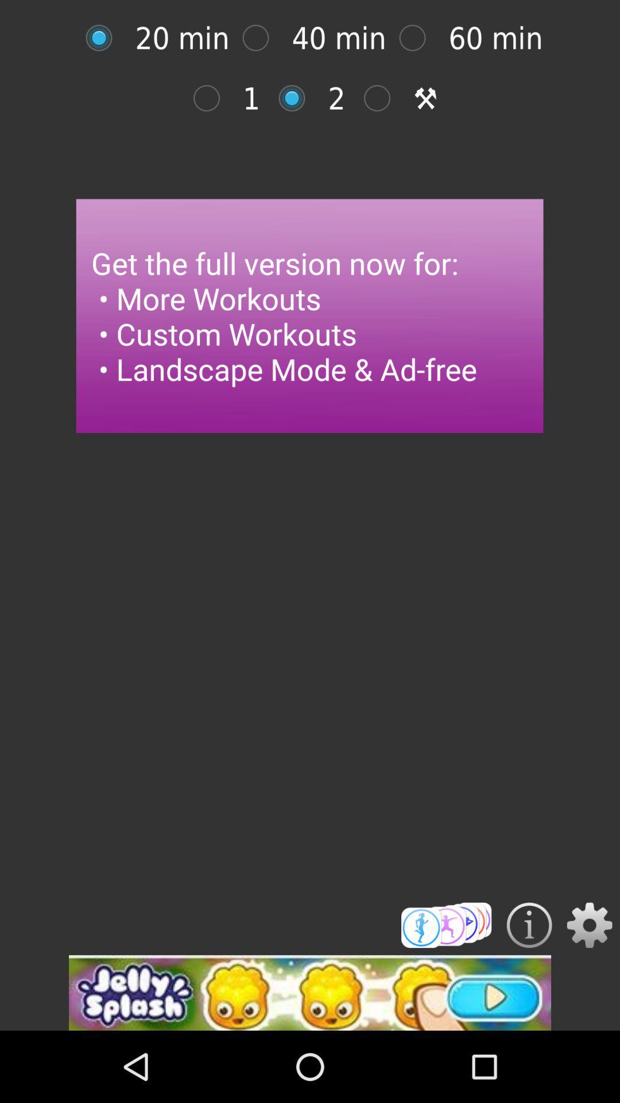  I want to click on 40 min workout option, so click(261, 38).